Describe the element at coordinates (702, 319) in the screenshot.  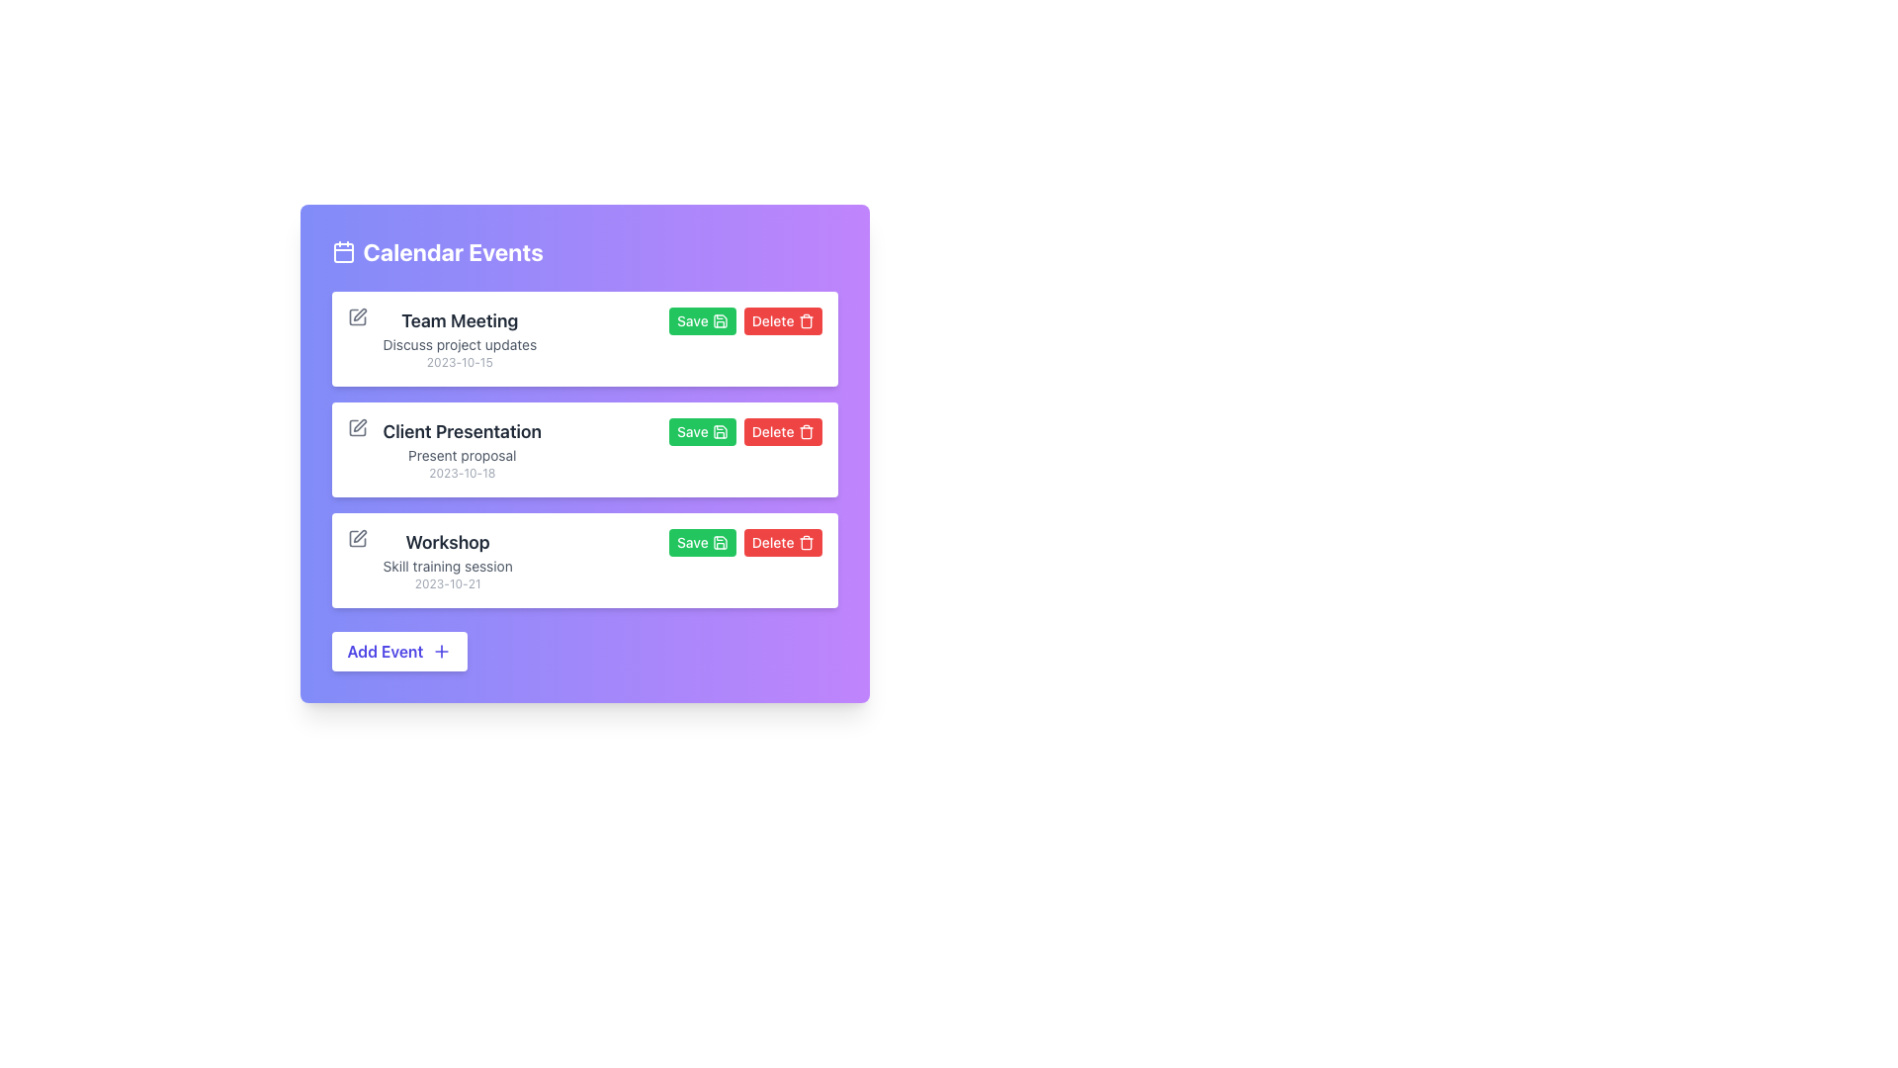
I see `the 'Save' button, which is a rectangular button with a green background, rounded corners, and labeled in bold white text` at that location.